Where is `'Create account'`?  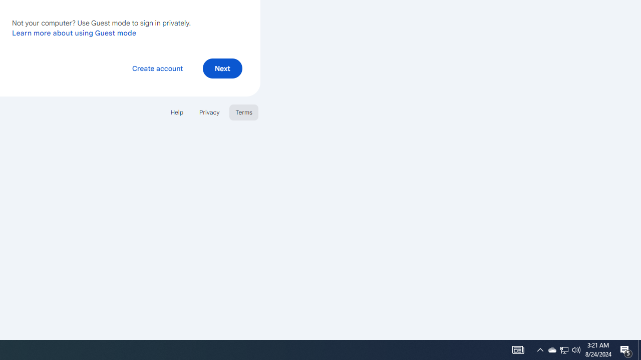 'Create account' is located at coordinates (157, 67).